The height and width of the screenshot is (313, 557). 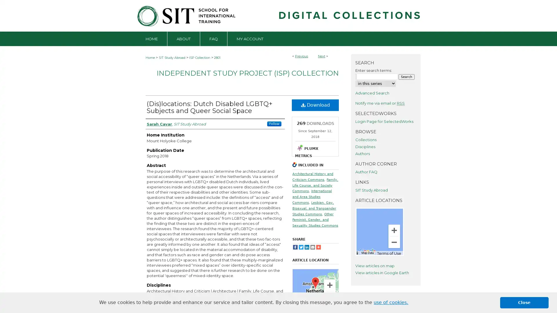 I want to click on Keyboard shortcuts, so click(x=299, y=307).